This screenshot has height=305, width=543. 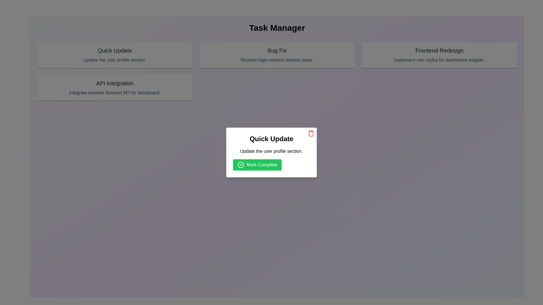 What do you see at coordinates (241, 165) in the screenshot?
I see `the 'Mark Complete' button which contains a circular green icon with a white check mark, located below the 'Quick Update' label in the modal box` at bounding box center [241, 165].